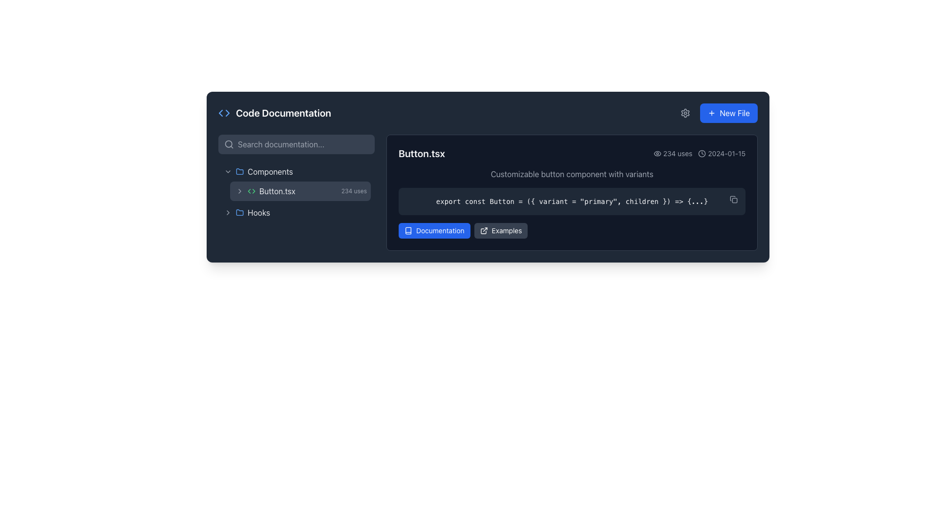 The height and width of the screenshot is (527, 938). I want to click on the small circular '+' icon located within the 'New File' button in the top-right corner of the interface, so click(712, 112).